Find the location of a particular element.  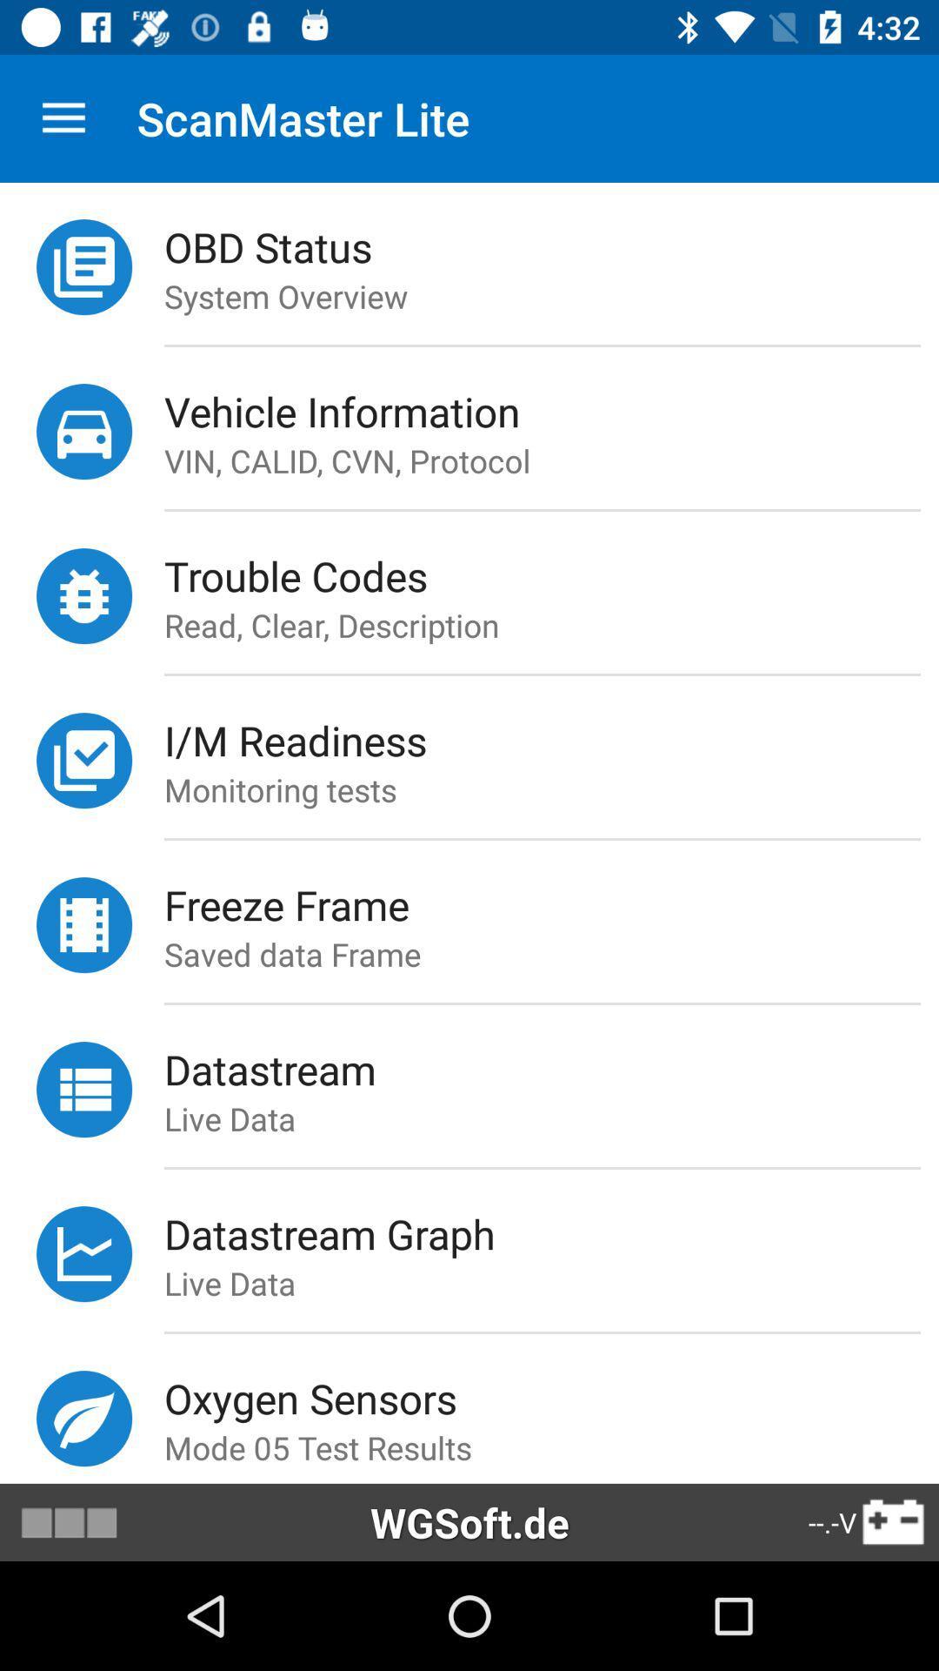

the icon below the i/m readiness icon is located at coordinates (551, 789).